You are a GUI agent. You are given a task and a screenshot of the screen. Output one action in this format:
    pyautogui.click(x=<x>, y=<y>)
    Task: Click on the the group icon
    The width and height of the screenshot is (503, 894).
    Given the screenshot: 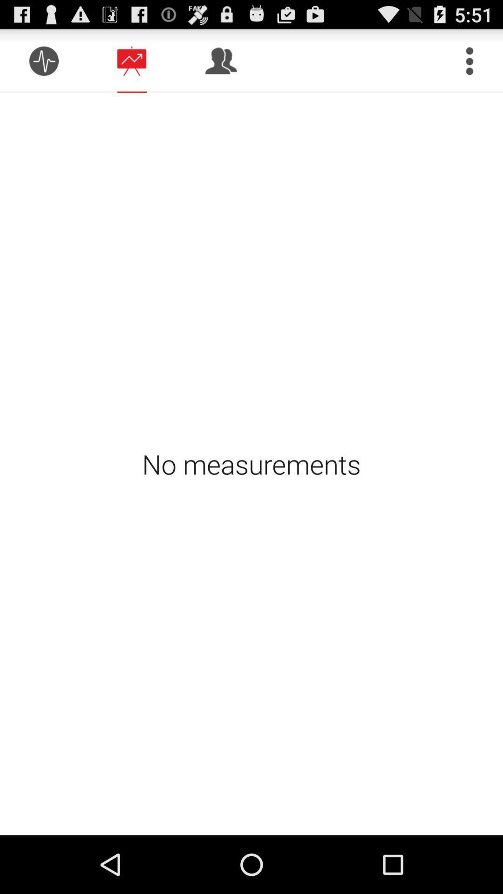 What is the action you would take?
    pyautogui.click(x=221, y=65)
    